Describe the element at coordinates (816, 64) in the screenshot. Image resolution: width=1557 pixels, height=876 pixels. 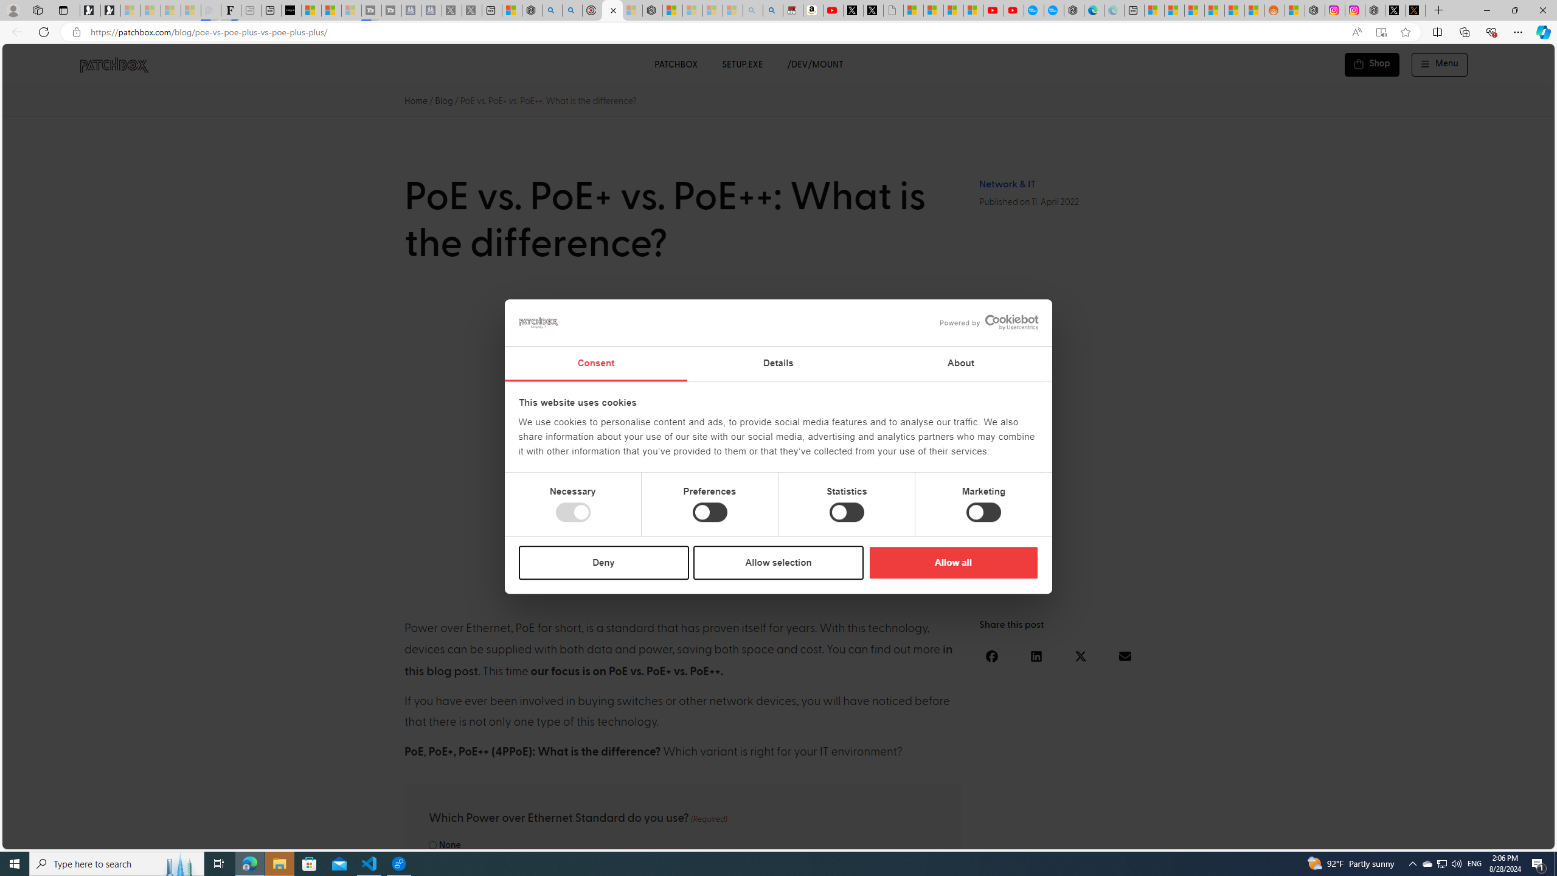
I see `'/DEV/MOUNT'` at that location.